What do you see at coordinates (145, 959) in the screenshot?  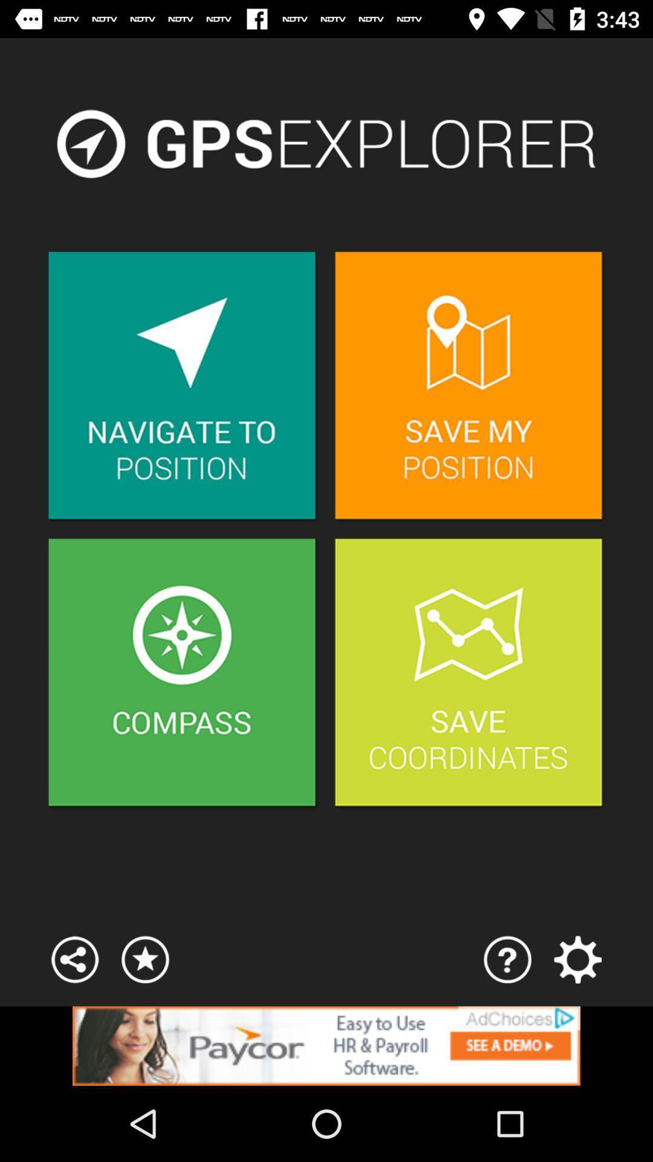 I see `favorite` at bounding box center [145, 959].